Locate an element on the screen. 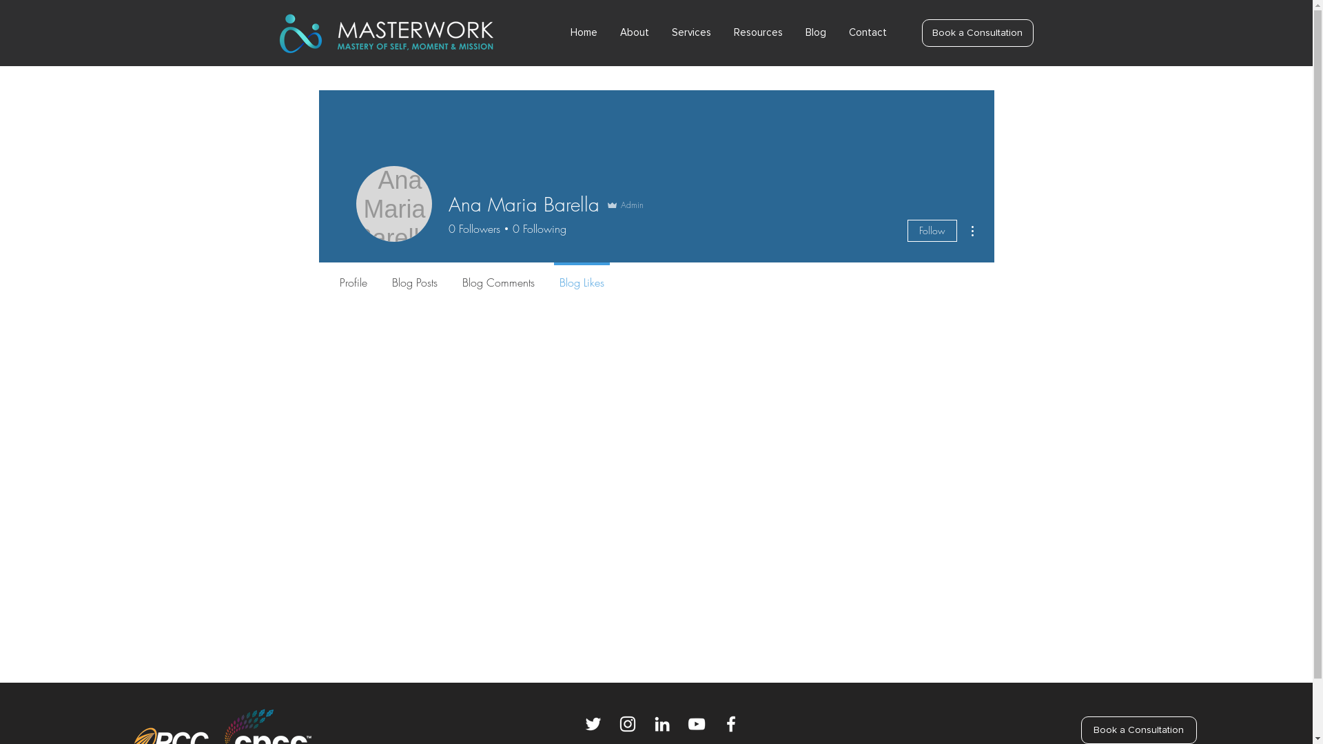 This screenshot has height=744, width=1323. 'Blog Posts' is located at coordinates (413, 276).